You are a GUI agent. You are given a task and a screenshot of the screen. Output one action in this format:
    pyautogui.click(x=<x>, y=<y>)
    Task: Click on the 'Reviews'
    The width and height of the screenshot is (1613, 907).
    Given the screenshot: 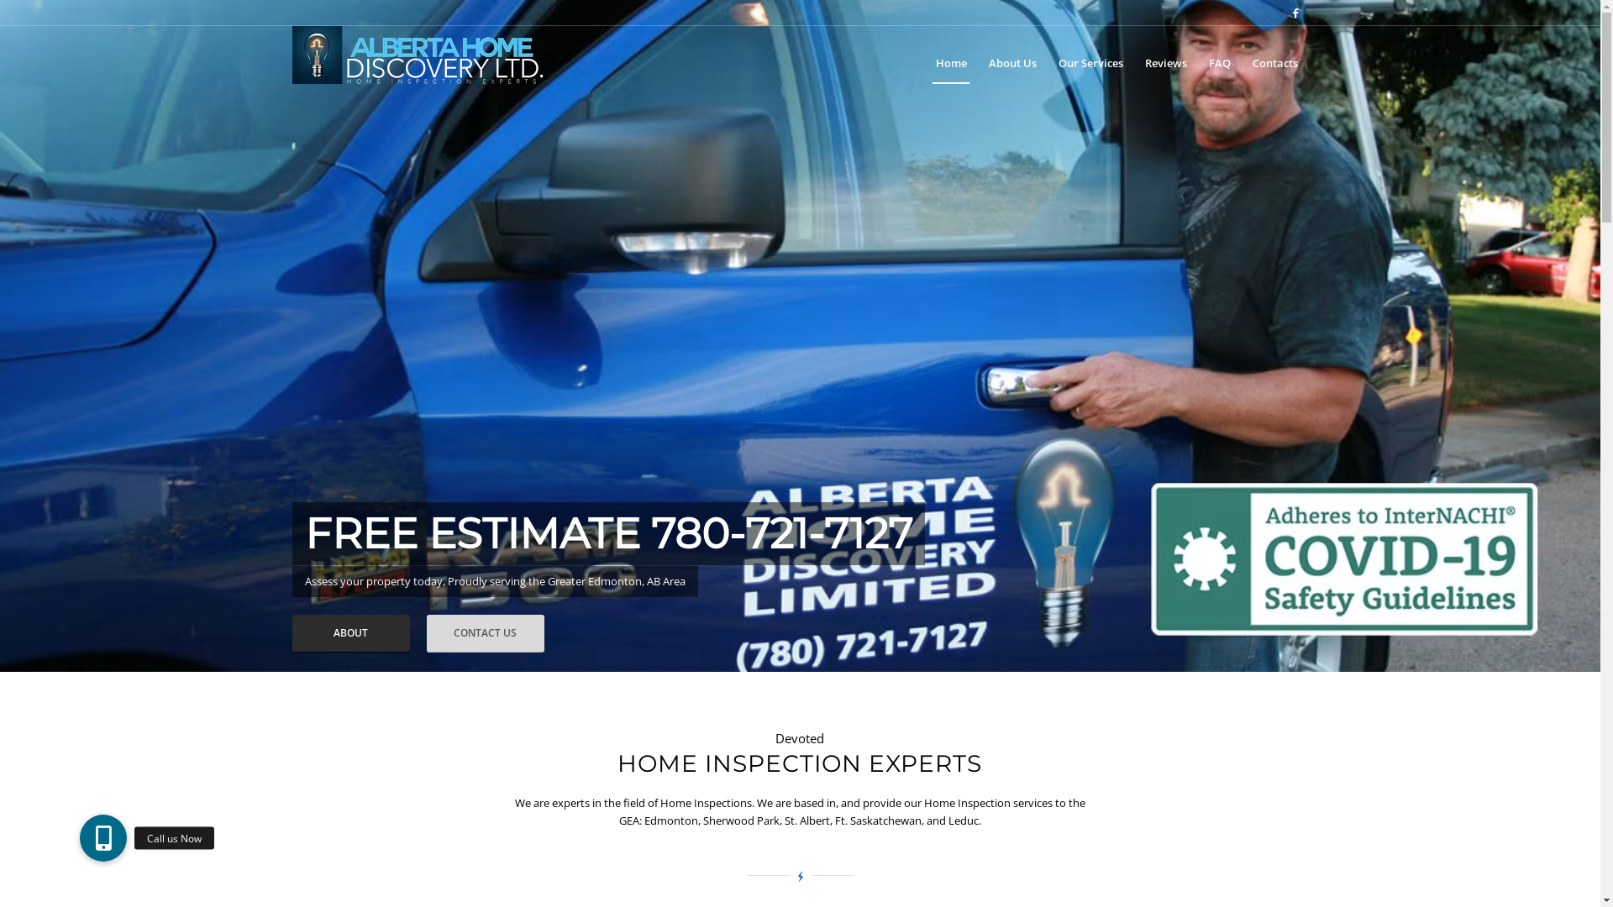 What is the action you would take?
    pyautogui.click(x=1164, y=61)
    